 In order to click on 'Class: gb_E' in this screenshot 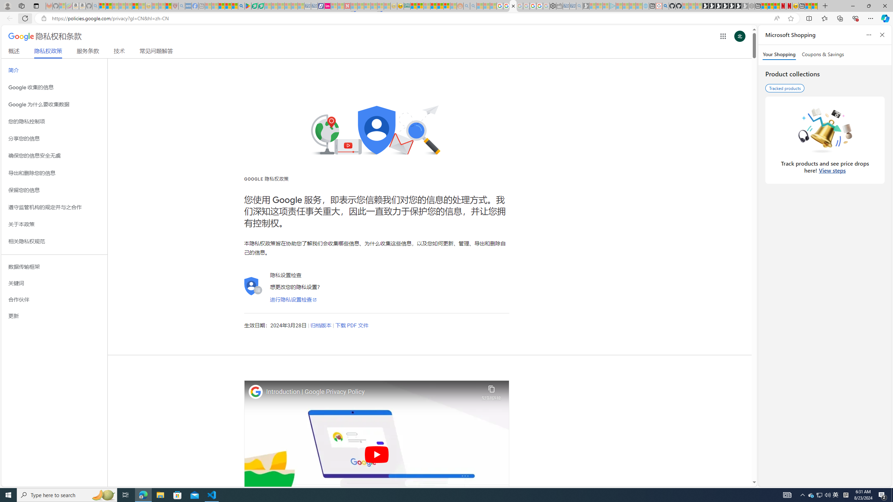, I will do `click(722, 36)`.